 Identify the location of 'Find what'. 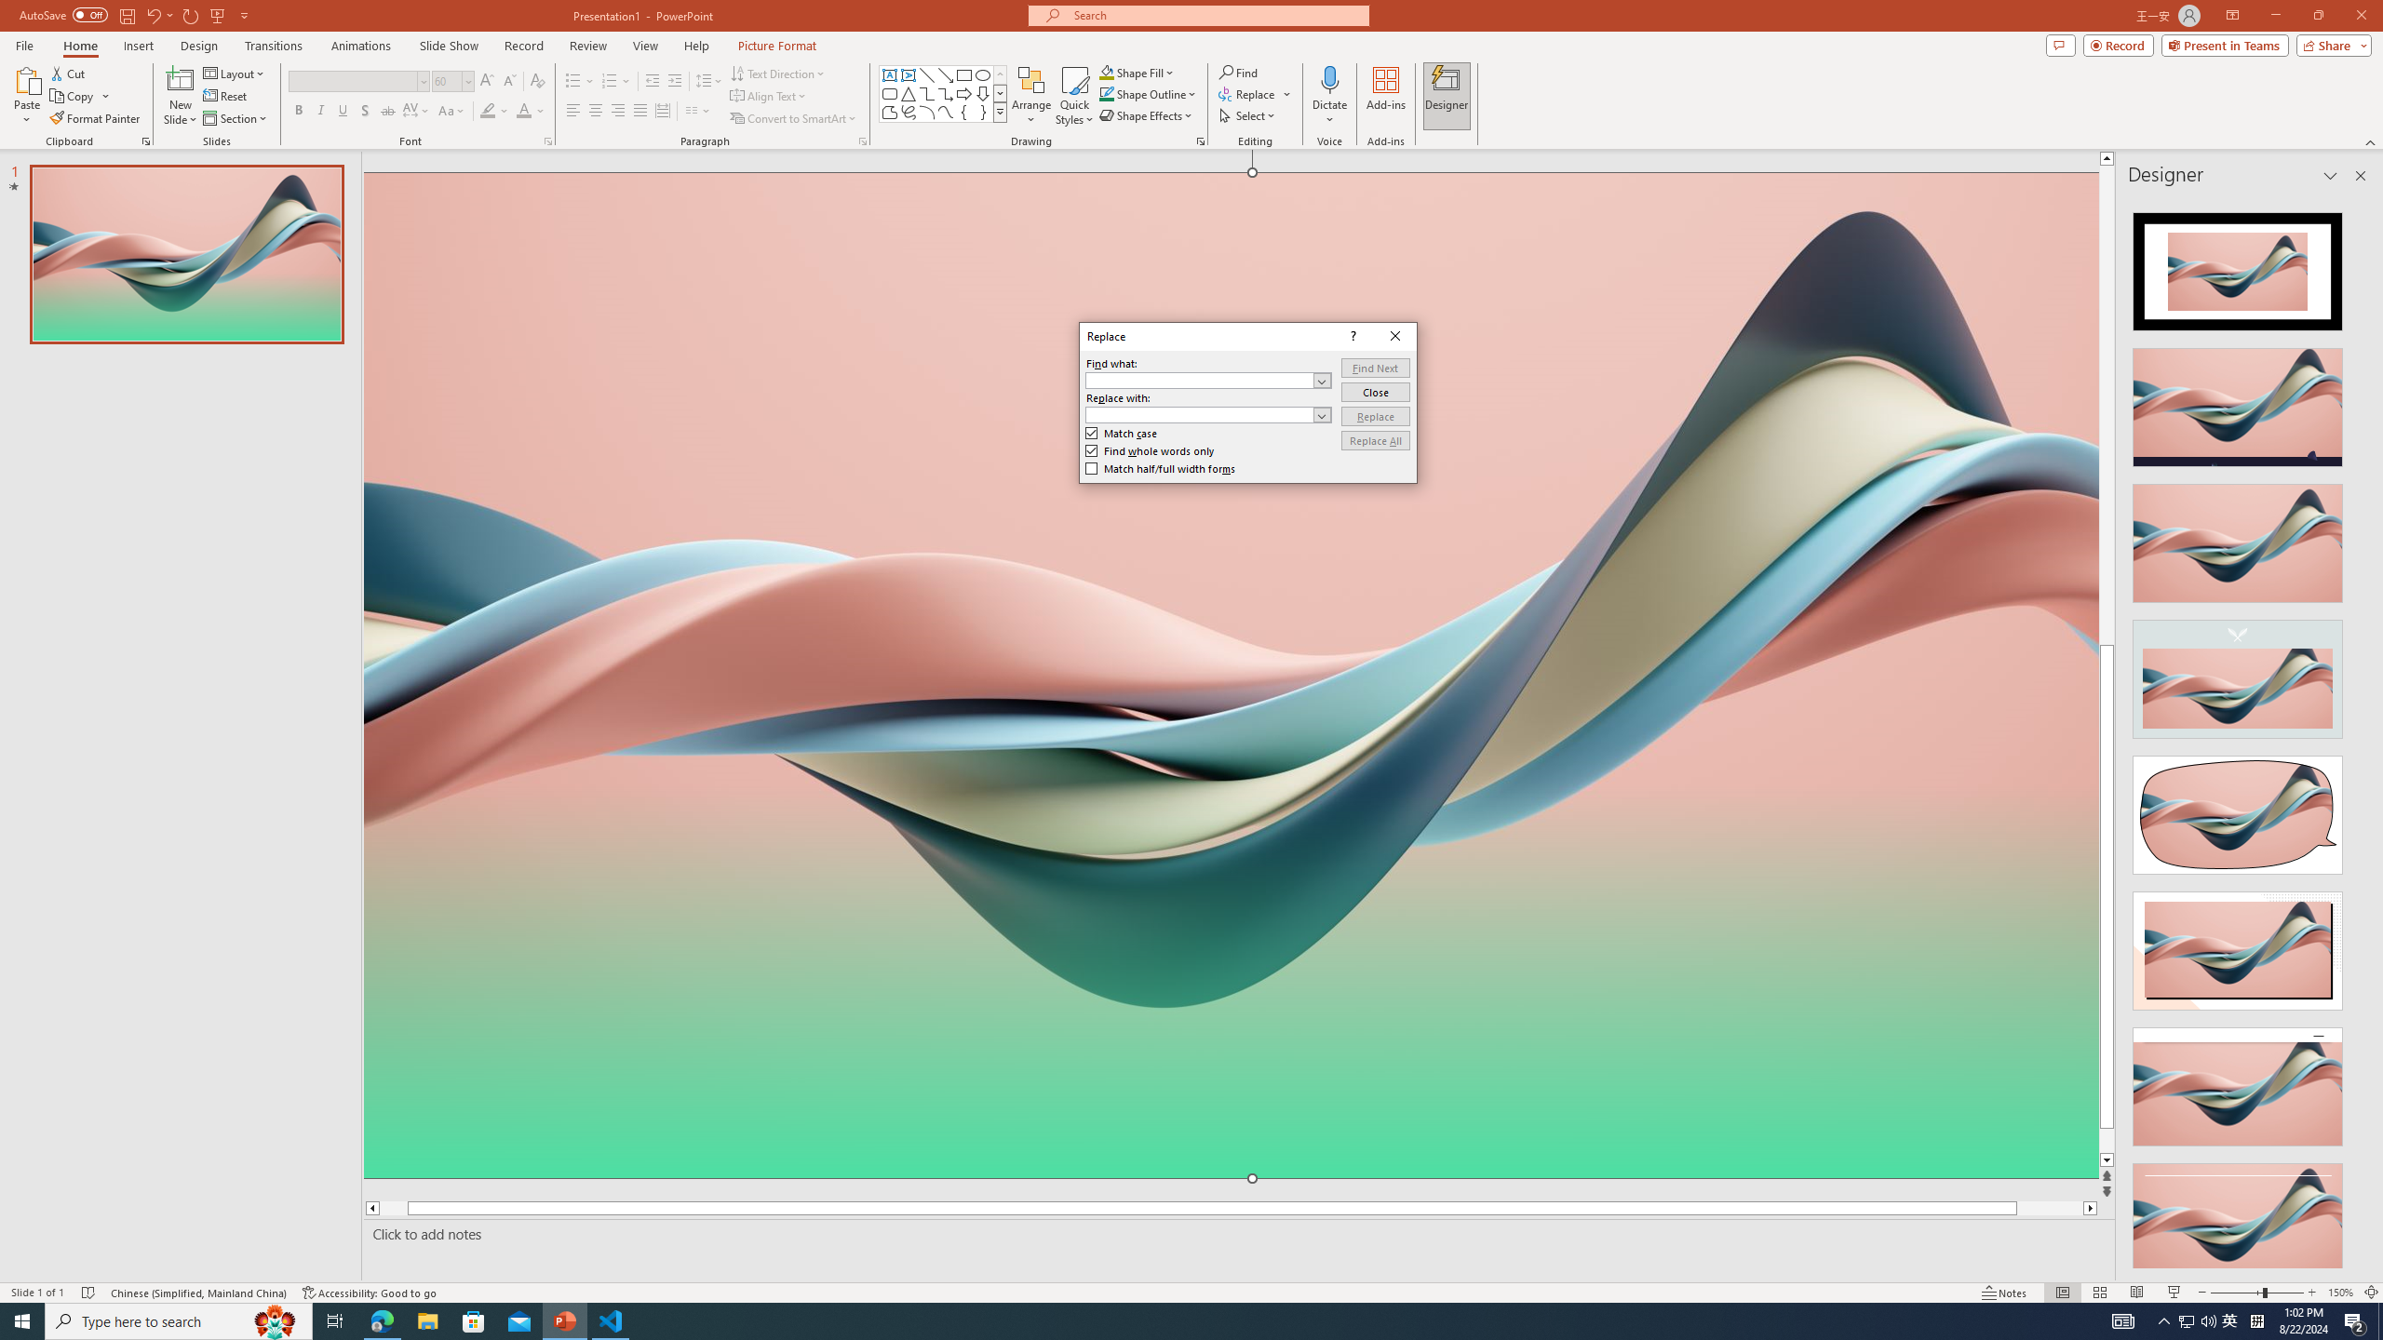
(1206, 379).